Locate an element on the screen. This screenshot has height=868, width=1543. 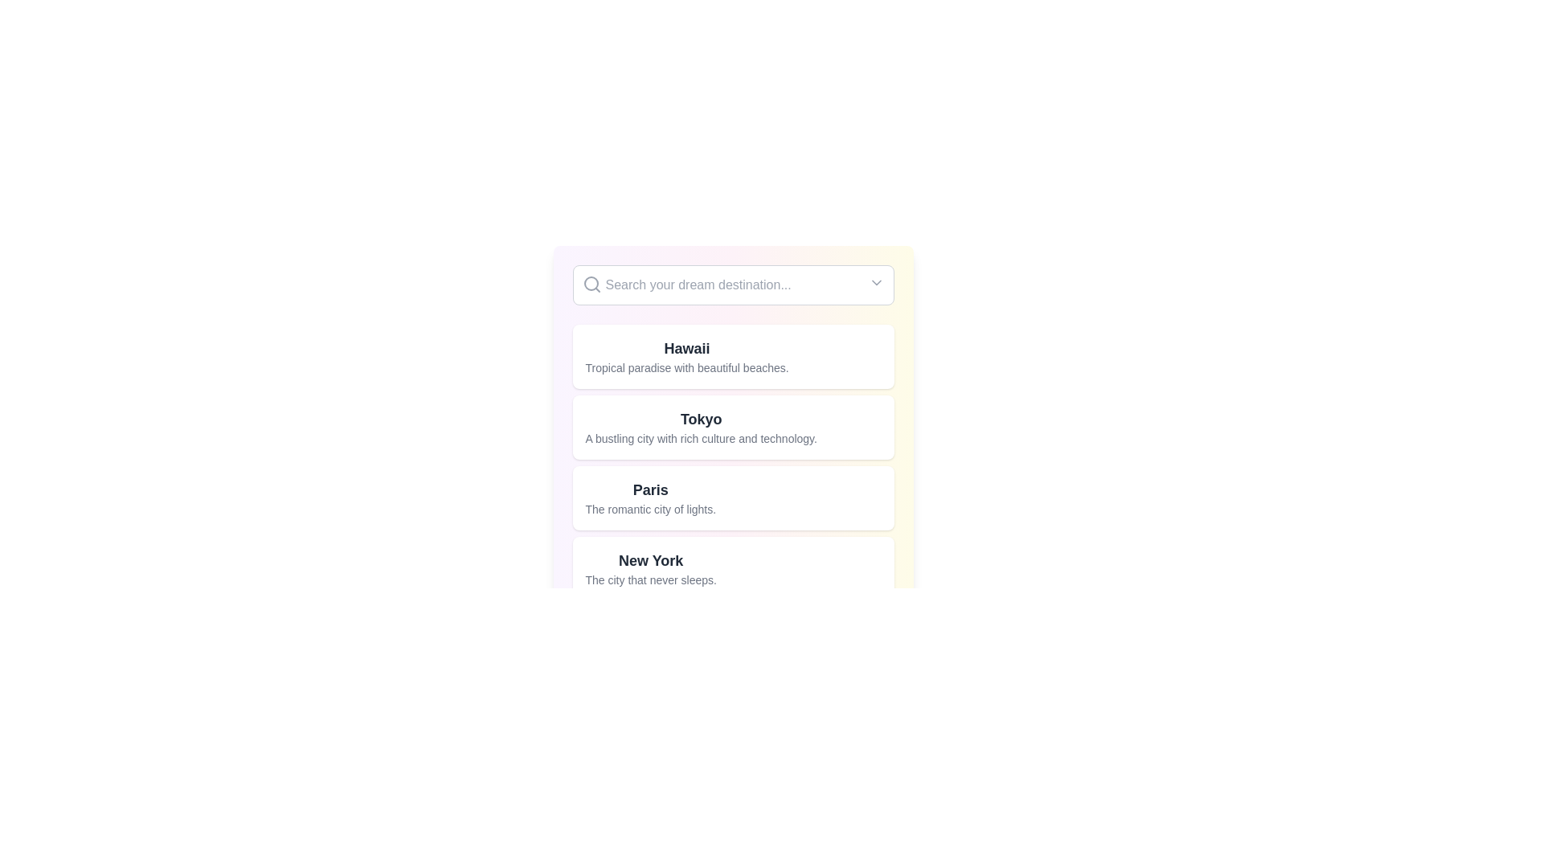
the second card in the vertical list is located at coordinates (732, 462).